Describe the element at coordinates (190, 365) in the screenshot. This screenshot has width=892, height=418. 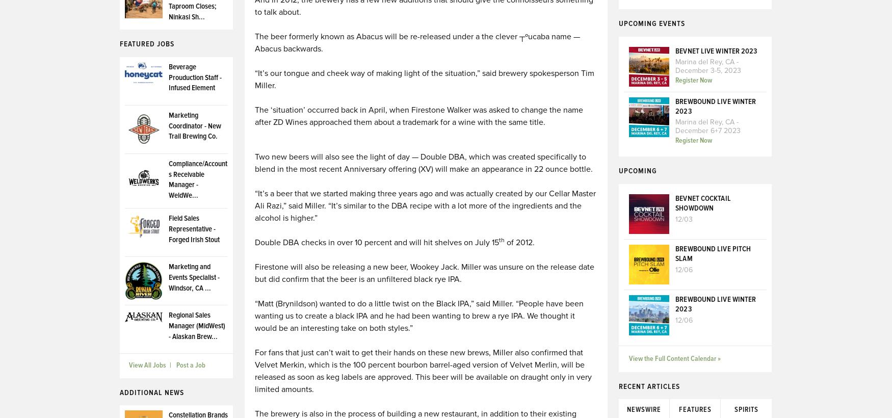
I see `'Post a Job'` at that location.